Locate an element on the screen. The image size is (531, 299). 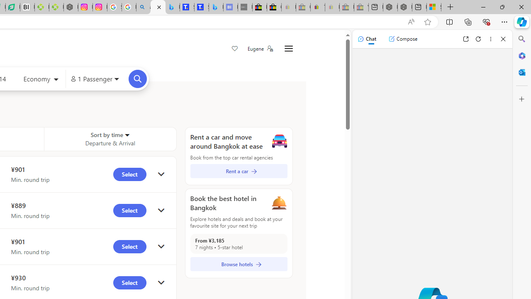
'Save' is located at coordinates (234, 49).